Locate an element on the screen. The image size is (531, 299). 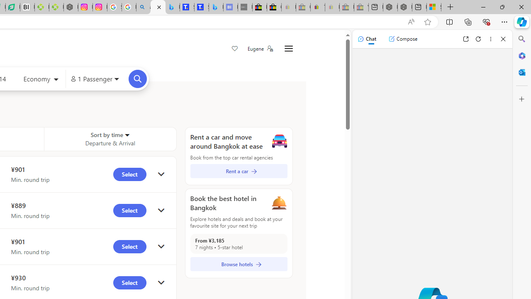
'Save' is located at coordinates (234, 49).